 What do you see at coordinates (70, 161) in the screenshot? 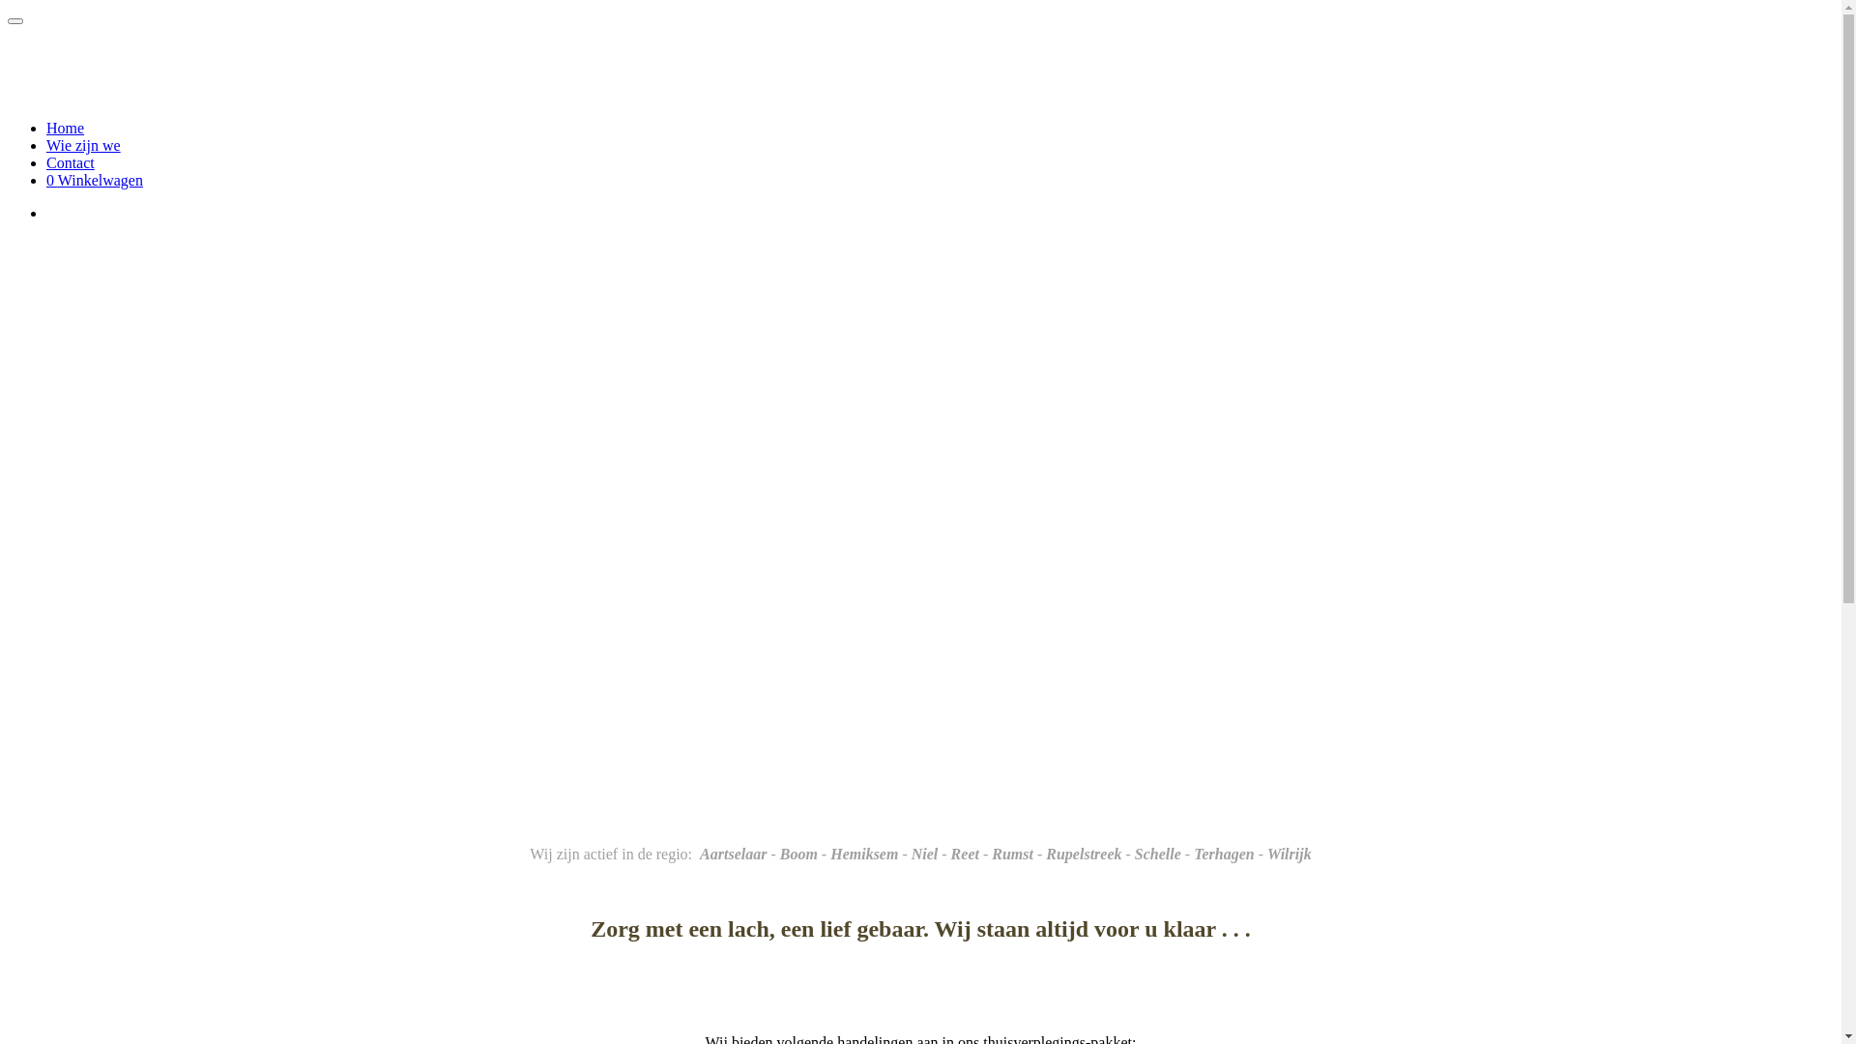
I see `'Contact'` at bounding box center [70, 161].